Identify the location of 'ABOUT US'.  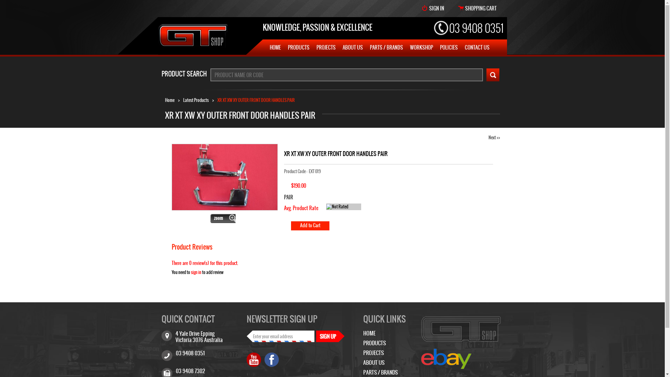
(373, 362).